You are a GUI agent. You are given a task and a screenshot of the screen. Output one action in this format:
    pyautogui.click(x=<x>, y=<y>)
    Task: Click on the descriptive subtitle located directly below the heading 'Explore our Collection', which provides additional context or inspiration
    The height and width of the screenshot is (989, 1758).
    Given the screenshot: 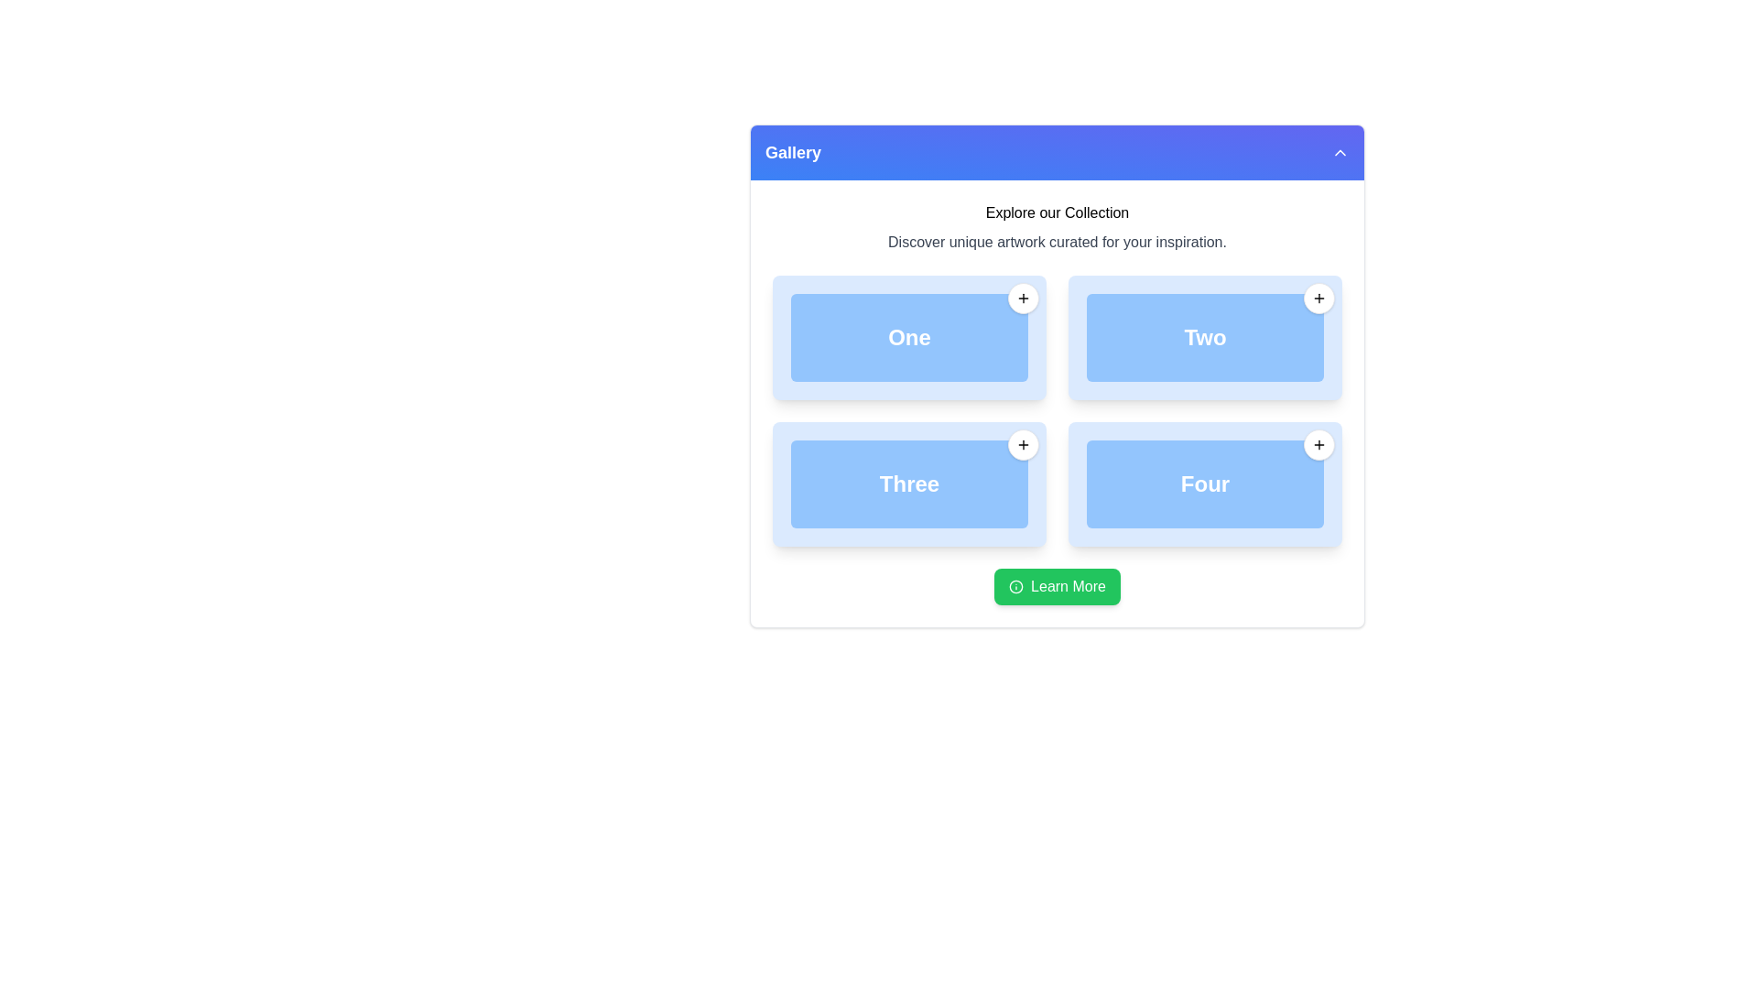 What is the action you would take?
    pyautogui.click(x=1058, y=242)
    